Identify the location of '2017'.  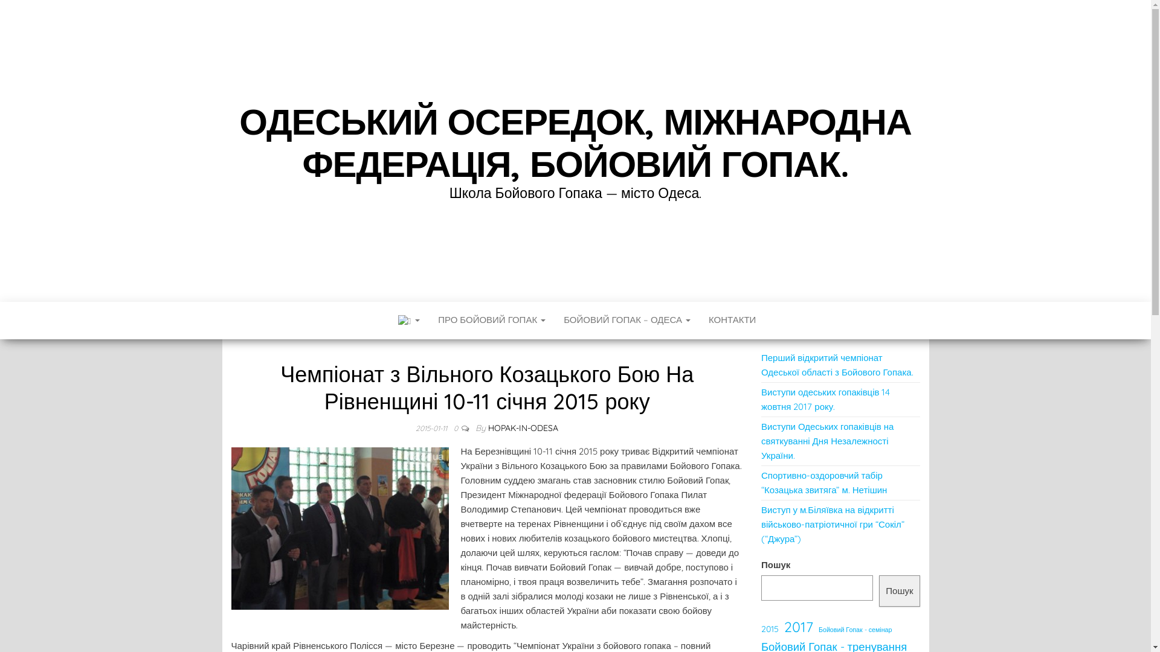
(784, 626).